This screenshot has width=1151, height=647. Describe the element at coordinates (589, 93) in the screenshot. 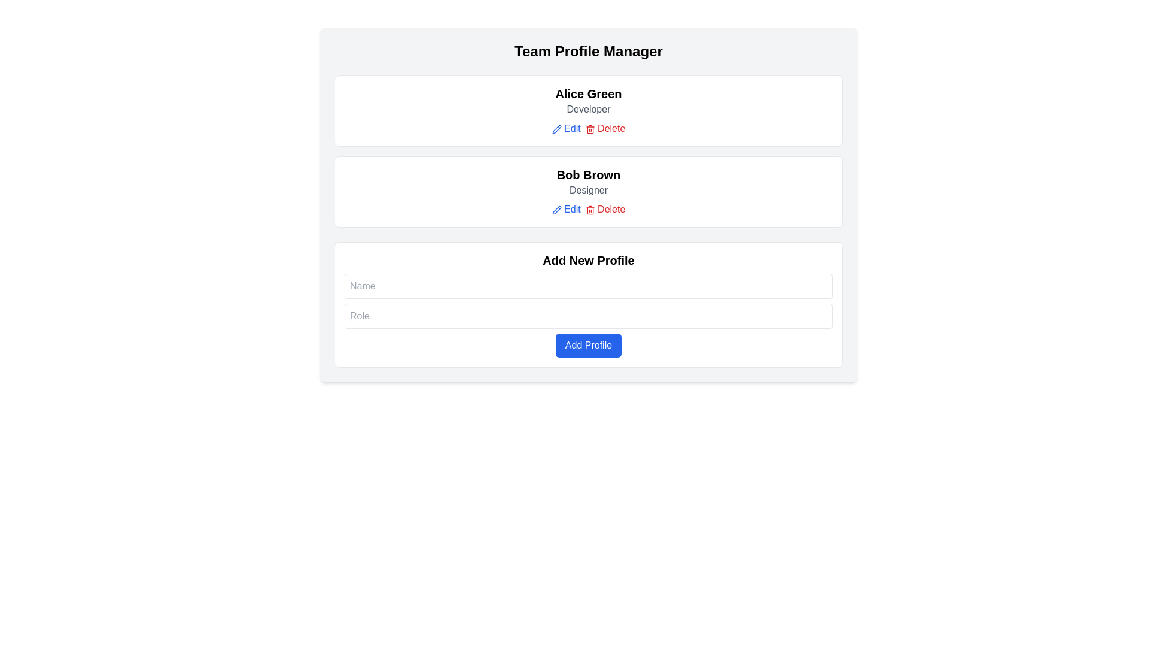

I see `the title text display element located at the top of the profile card, which identifies the individual associated with the card` at that location.